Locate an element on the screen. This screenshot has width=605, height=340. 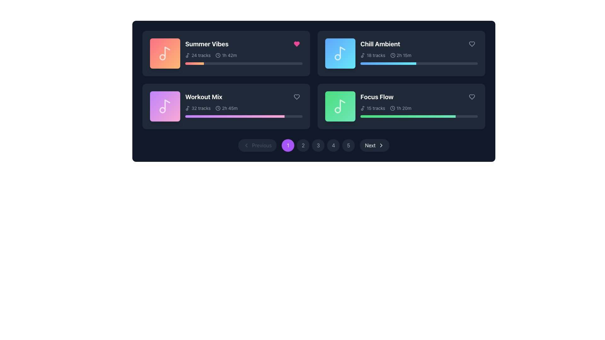
the music note icon, which is styled as an outlined circle with an upward note tail, located centrally within the second music playlist card titled 'Workout Mix' in the bottom-left of the interface is located at coordinates (165, 106).